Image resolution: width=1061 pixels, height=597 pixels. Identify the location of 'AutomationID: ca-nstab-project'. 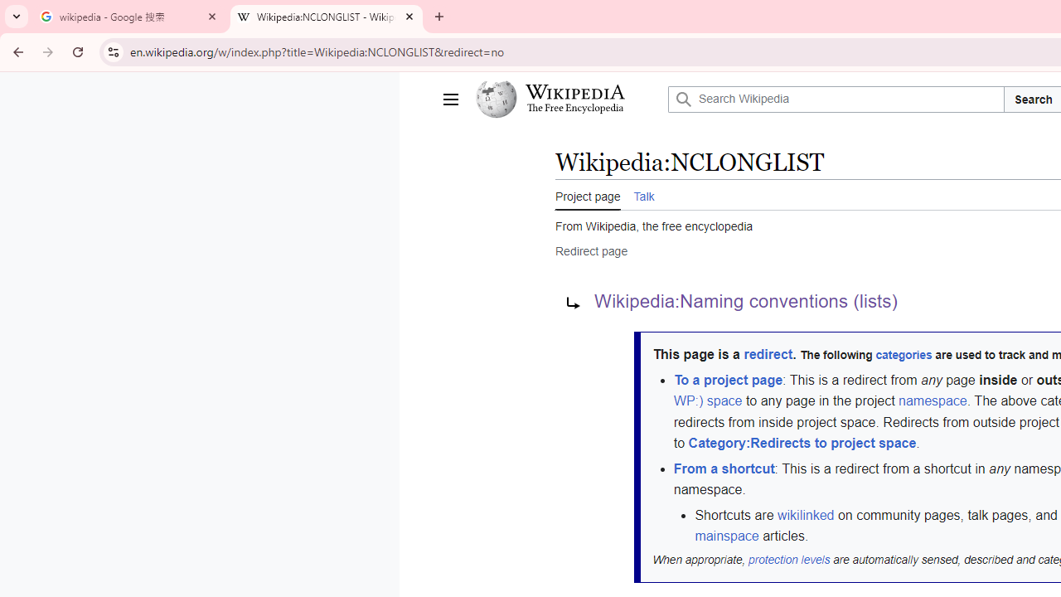
(588, 193).